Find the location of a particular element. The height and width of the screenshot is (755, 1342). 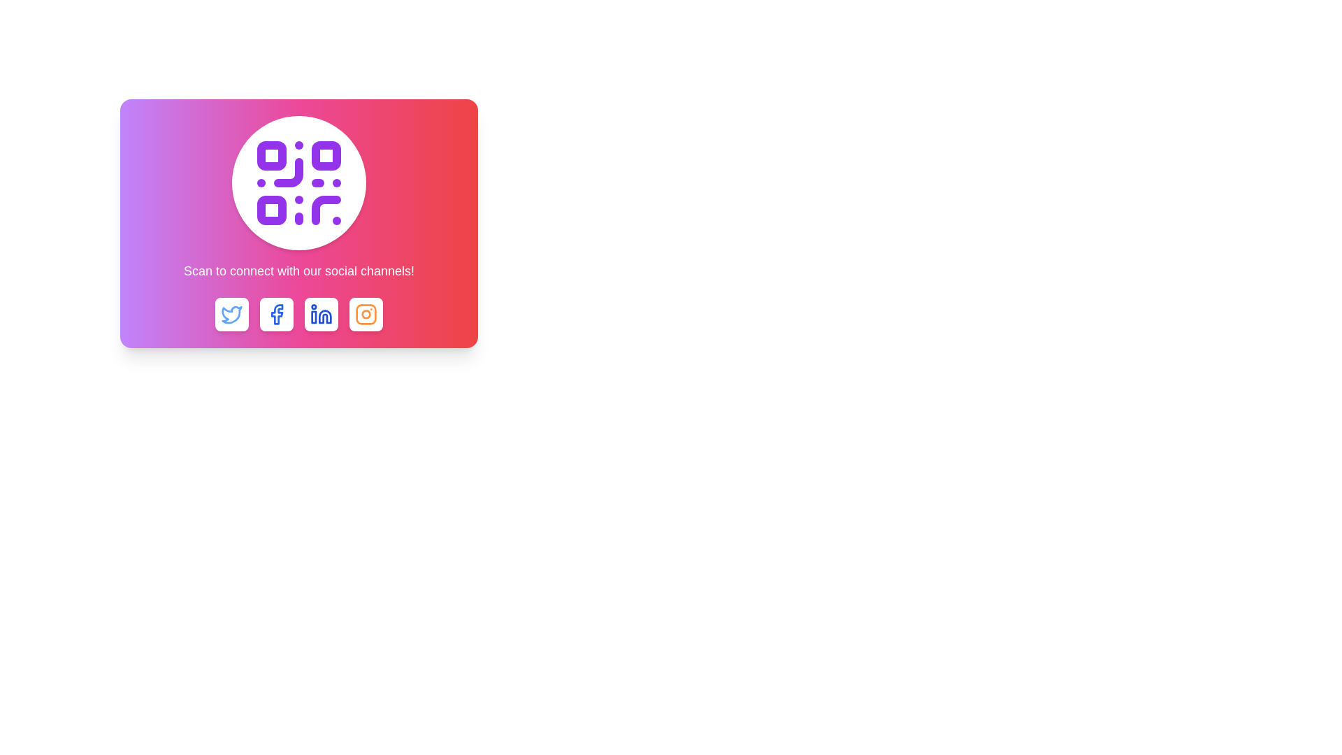

the QR code icon, which is a purple icon within a circular white area, to initiate scanning with a mobile device is located at coordinates (298, 182).